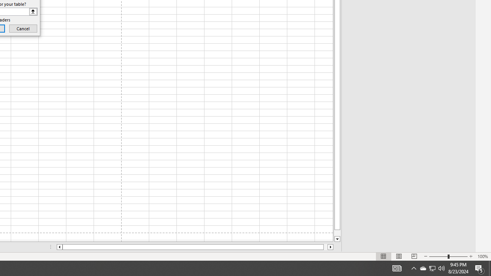 The height and width of the screenshot is (276, 491). I want to click on 'Page Layout', so click(399, 256).